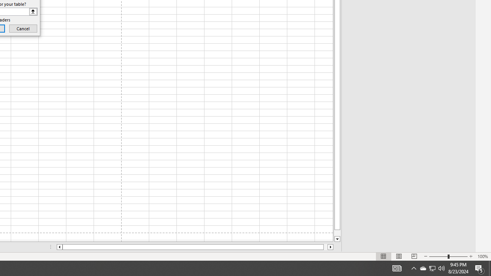 The height and width of the screenshot is (276, 491). I want to click on 'Page Layout', so click(399, 256).